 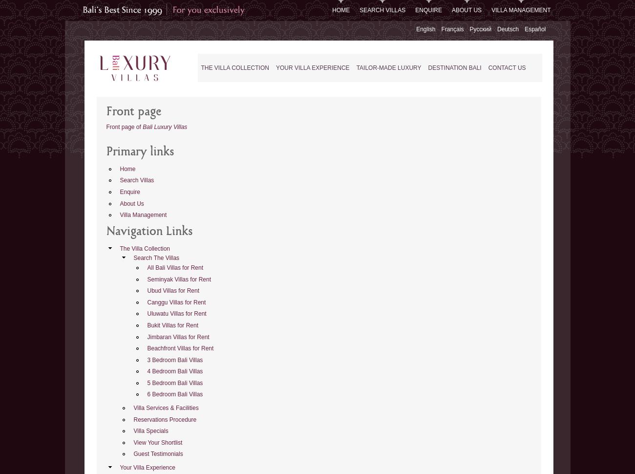 I want to click on 'Villa Services & Facilities', so click(x=165, y=407).